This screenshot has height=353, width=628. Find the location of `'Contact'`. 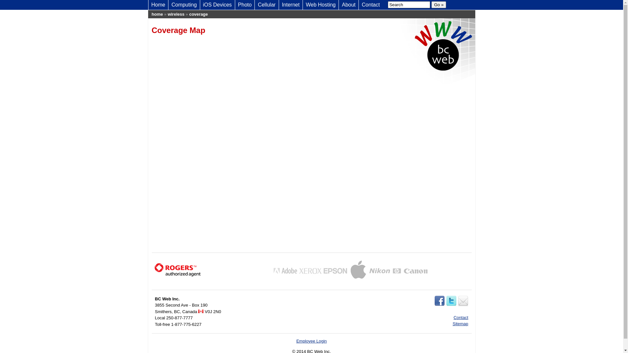

'Contact' is located at coordinates (453, 317).